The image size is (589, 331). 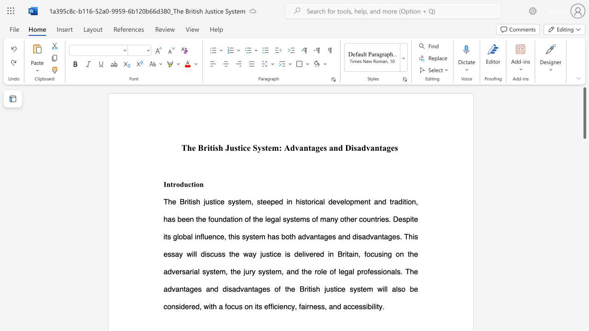 What do you see at coordinates (584, 238) in the screenshot?
I see `the scrollbar to move the page down` at bounding box center [584, 238].